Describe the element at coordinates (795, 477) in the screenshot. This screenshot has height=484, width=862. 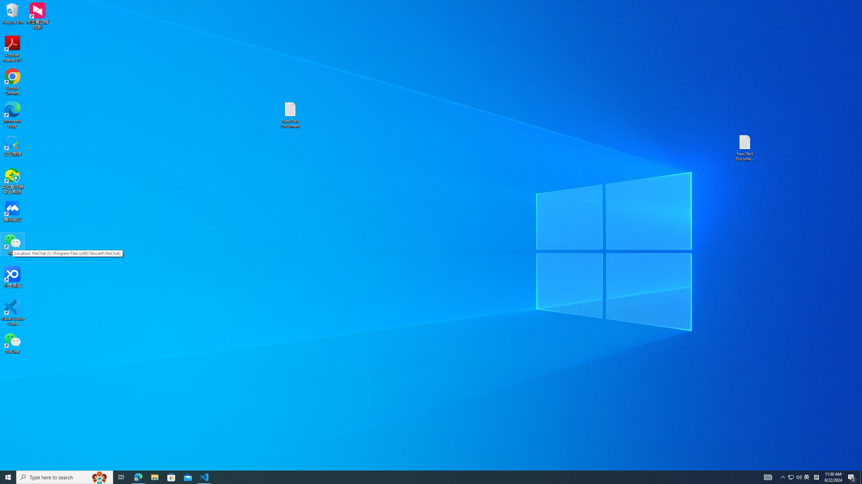
I see `'User Promoted Notification Area'` at that location.